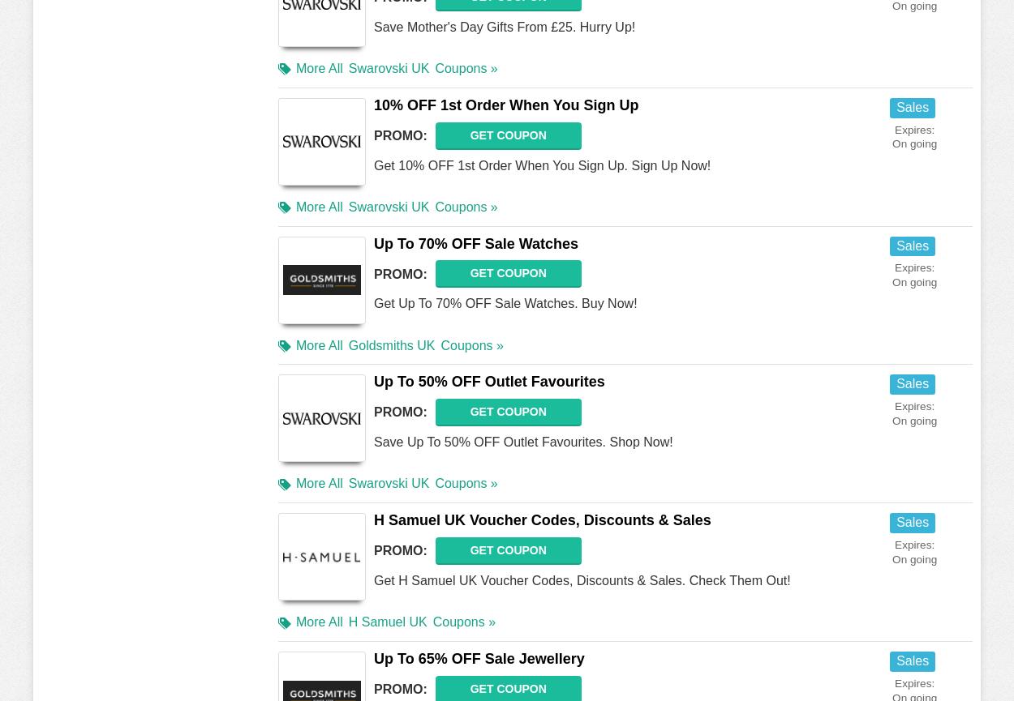 Image resolution: width=1014 pixels, height=701 pixels. Describe the element at coordinates (386, 621) in the screenshot. I see `'H Samuel UK'` at that location.